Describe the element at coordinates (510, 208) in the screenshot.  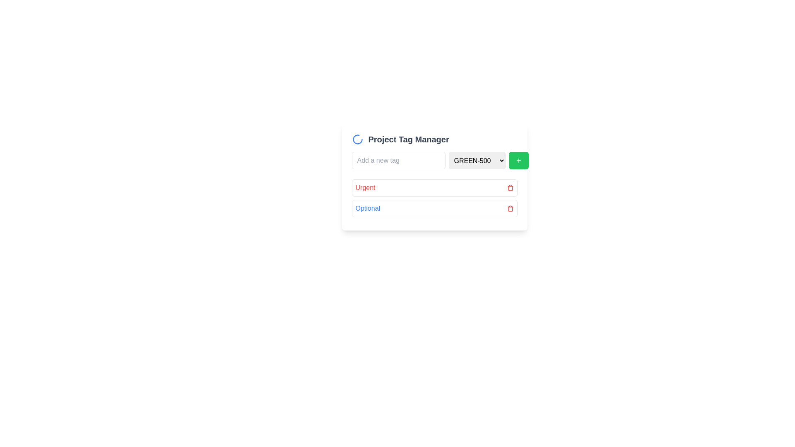
I see `the red trash icon button, which is located at the right end of the 'Optional' label in the 'Project Tag Manager' section, to receive interaction feedback` at that location.